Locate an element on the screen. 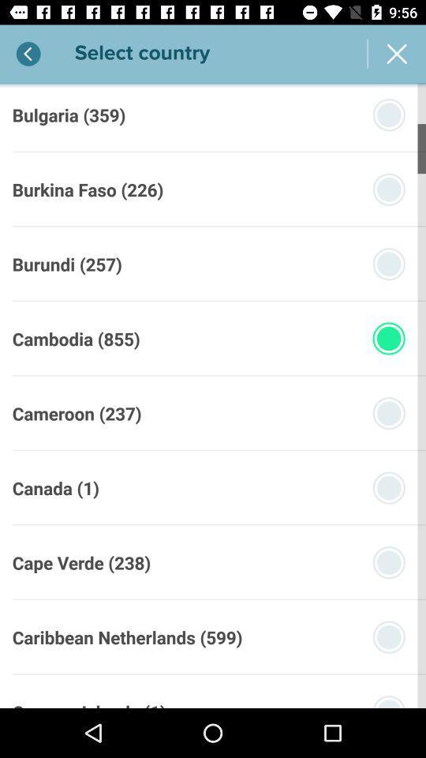  go back is located at coordinates (28, 54).